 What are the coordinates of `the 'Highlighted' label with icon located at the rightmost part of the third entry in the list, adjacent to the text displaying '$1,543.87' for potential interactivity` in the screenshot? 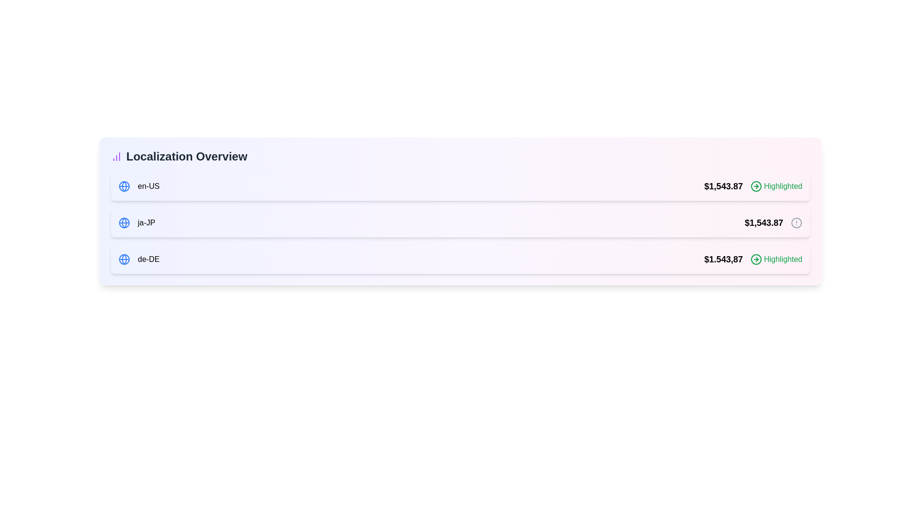 It's located at (776, 259).